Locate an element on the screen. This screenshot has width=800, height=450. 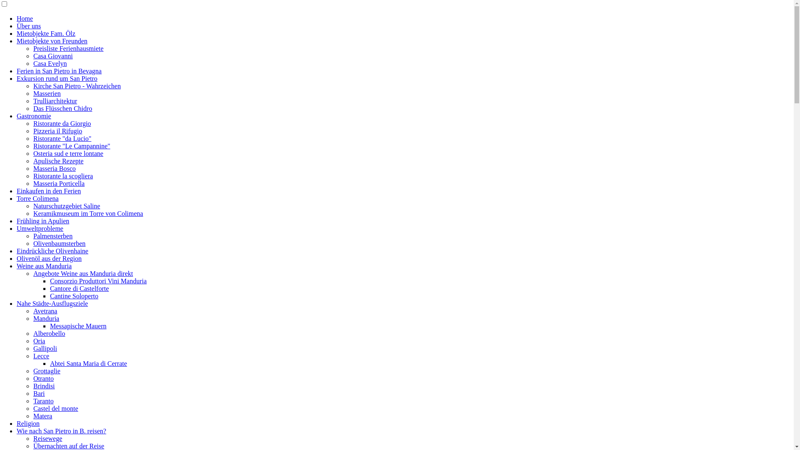
'Exkursion rund um San Pietro' is located at coordinates (57, 78).